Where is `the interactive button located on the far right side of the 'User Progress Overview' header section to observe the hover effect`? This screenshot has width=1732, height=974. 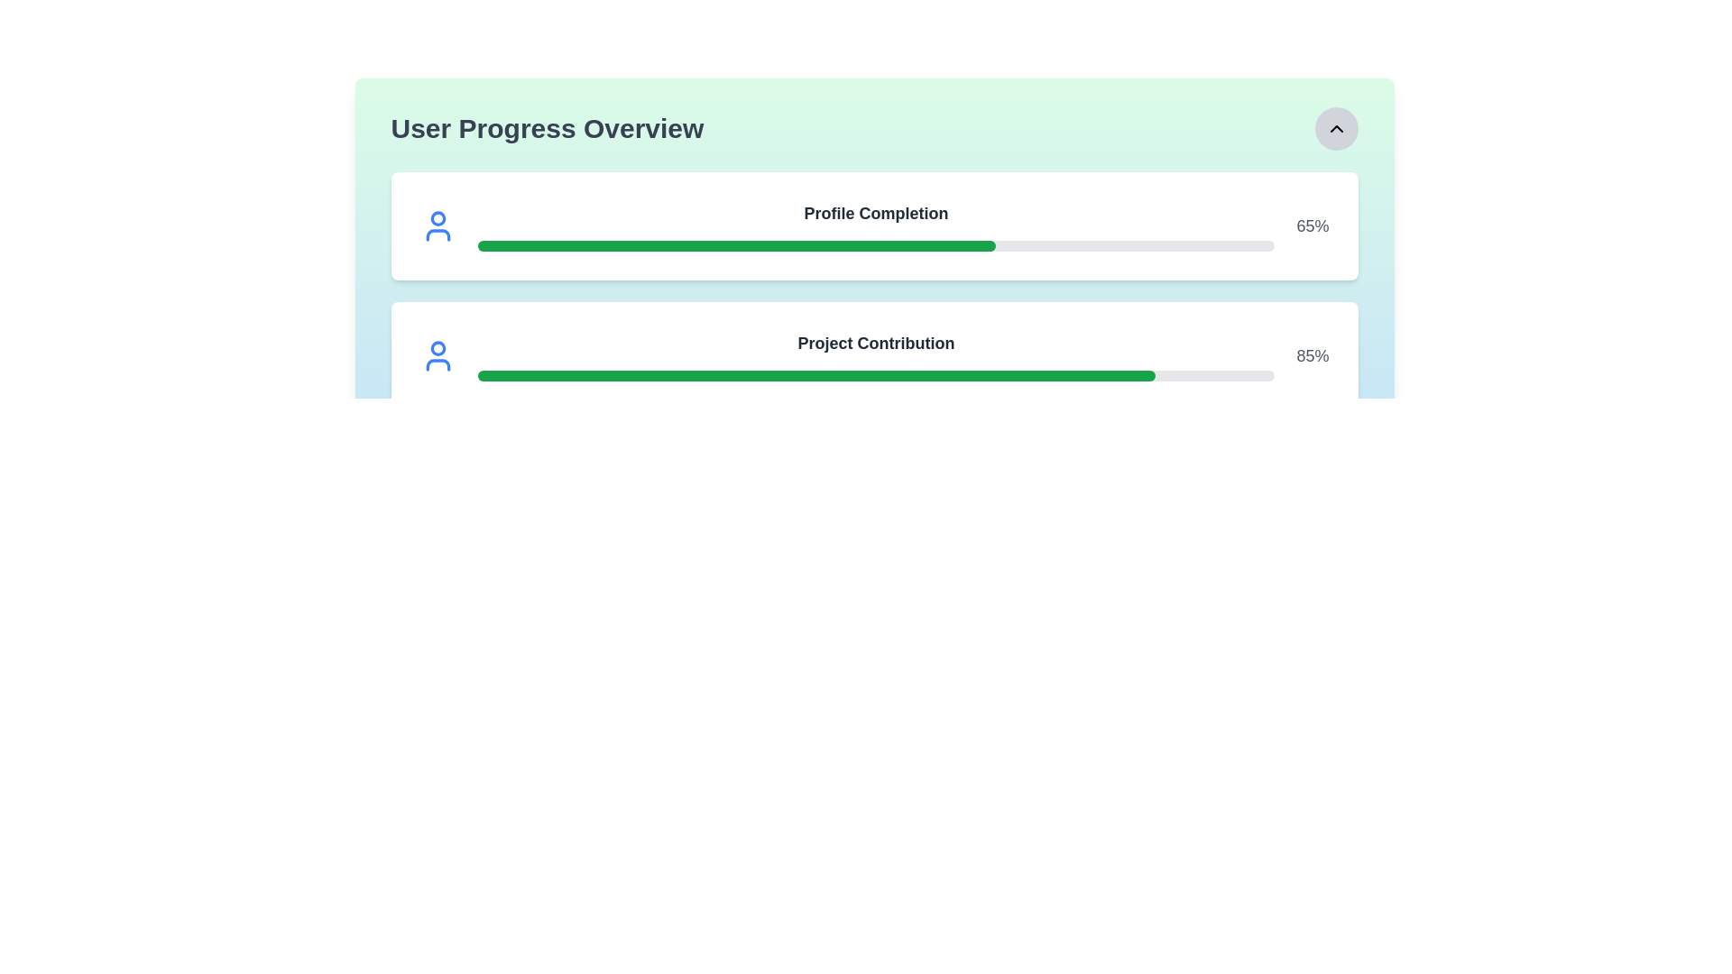 the interactive button located on the far right side of the 'User Progress Overview' header section to observe the hover effect is located at coordinates (1336, 127).